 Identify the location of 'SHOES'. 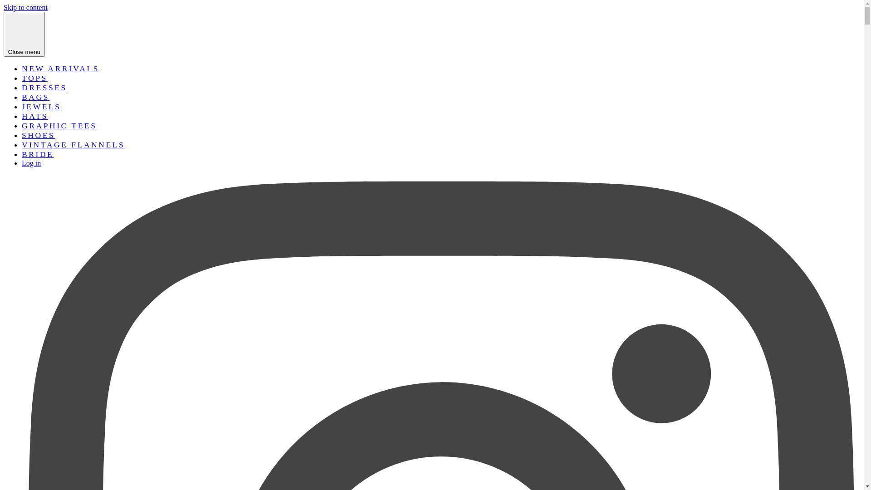
(38, 135).